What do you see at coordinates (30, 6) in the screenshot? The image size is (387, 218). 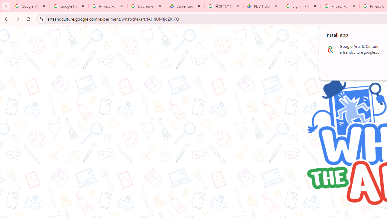 I see `'Google Workspace Admin Community'` at bounding box center [30, 6].